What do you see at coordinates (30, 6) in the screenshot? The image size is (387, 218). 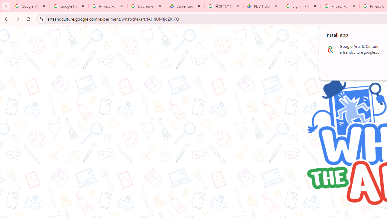 I see `'Google Workspace Admin Community'` at bounding box center [30, 6].